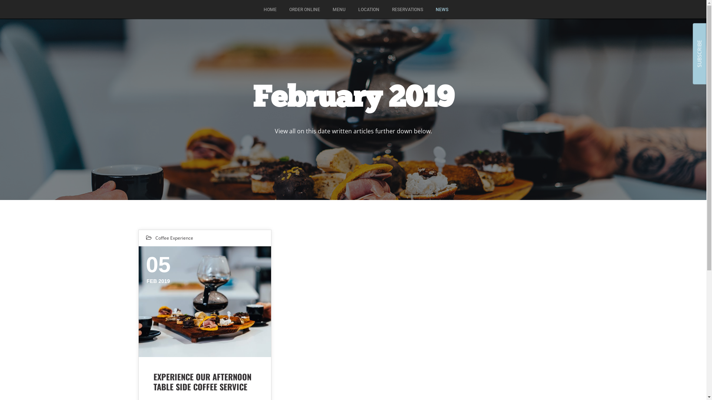 This screenshot has height=400, width=712. Describe the element at coordinates (304, 10) in the screenshot. I see `'ORDER ONLINE'` at that location.